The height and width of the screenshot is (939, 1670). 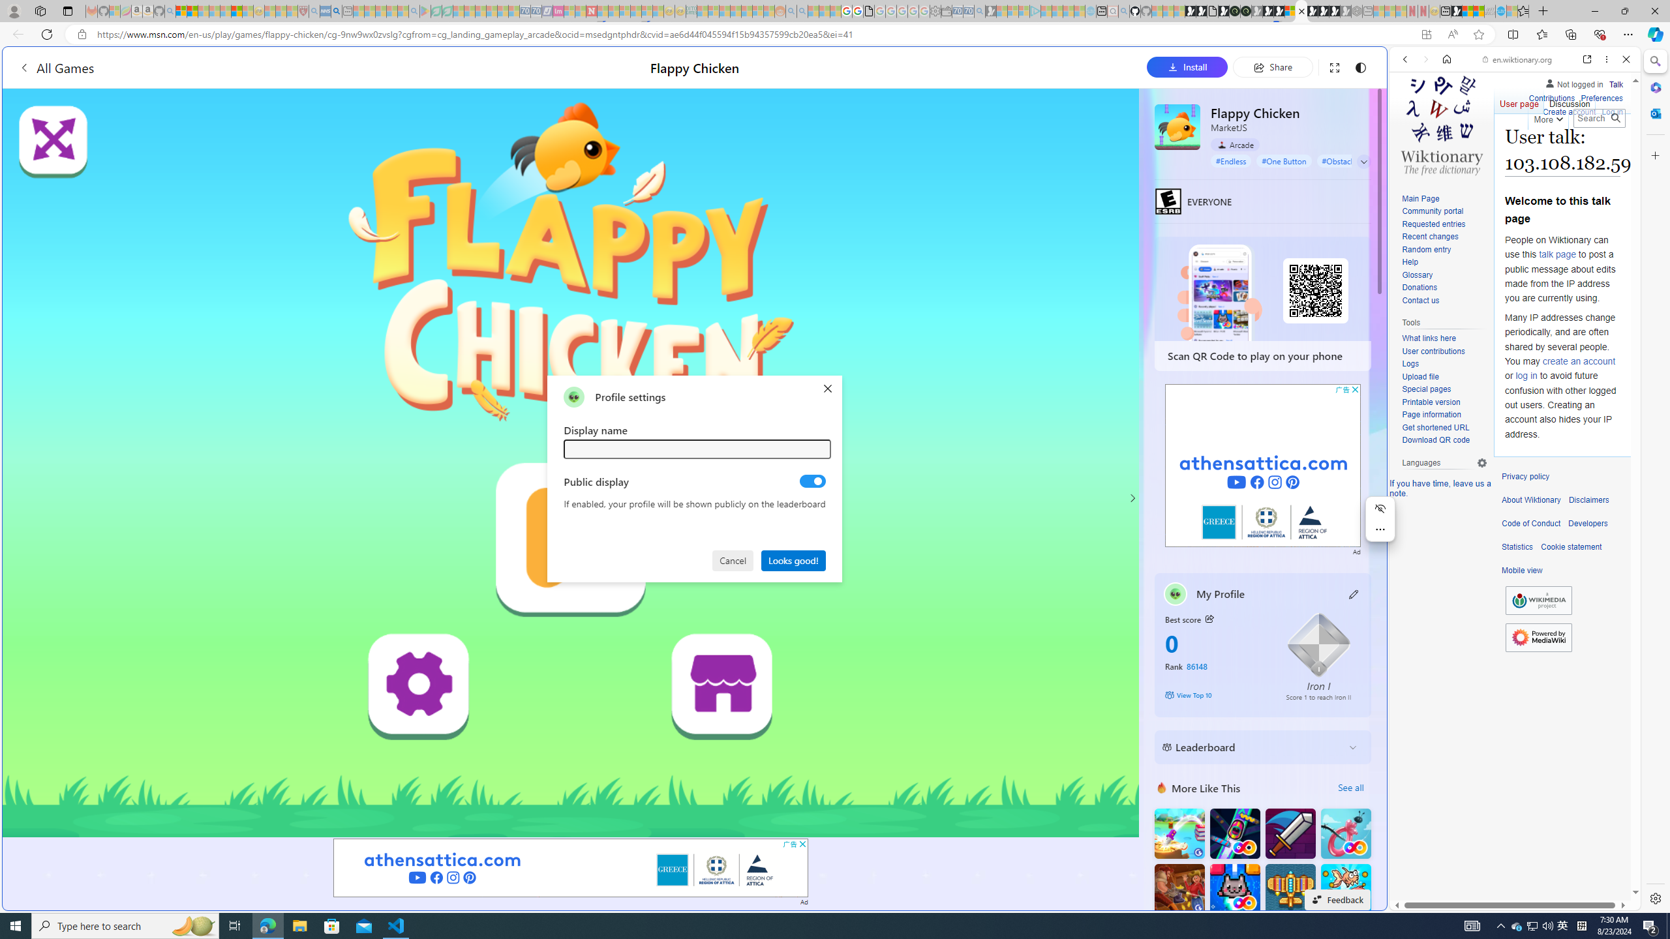 I want to click on 'Kinda Frugal - MSN - Sleeping', so click(x=747, y=10).